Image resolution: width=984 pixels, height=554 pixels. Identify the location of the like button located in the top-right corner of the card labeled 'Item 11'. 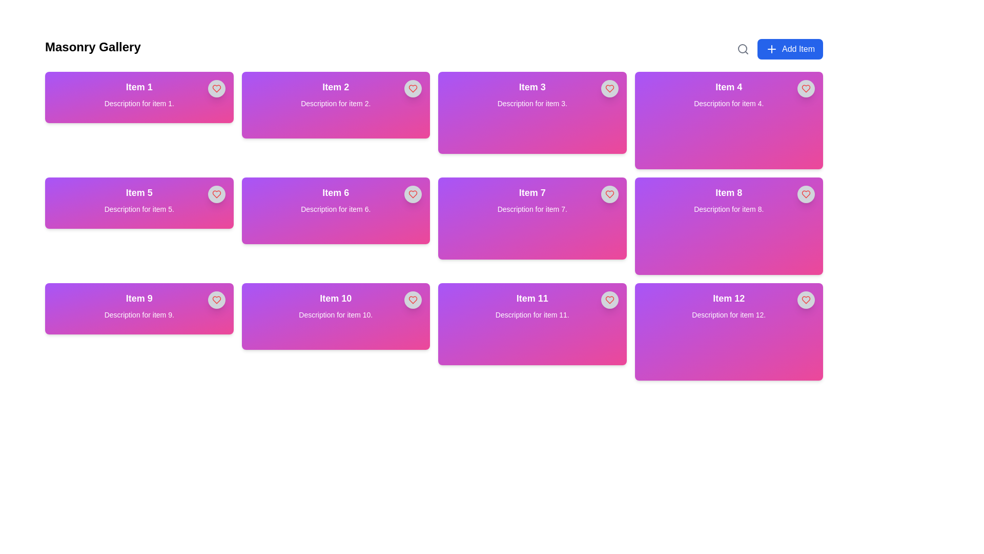
(609, 300).